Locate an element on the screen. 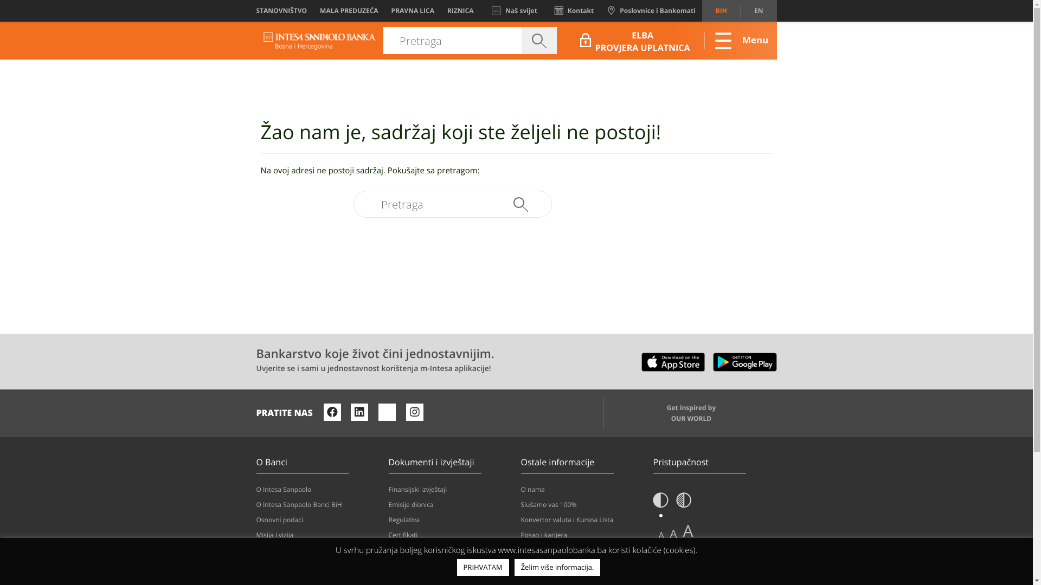 This screenshot has height=585, width=1041. 'Google play link' is located at coordinates (743, 359).